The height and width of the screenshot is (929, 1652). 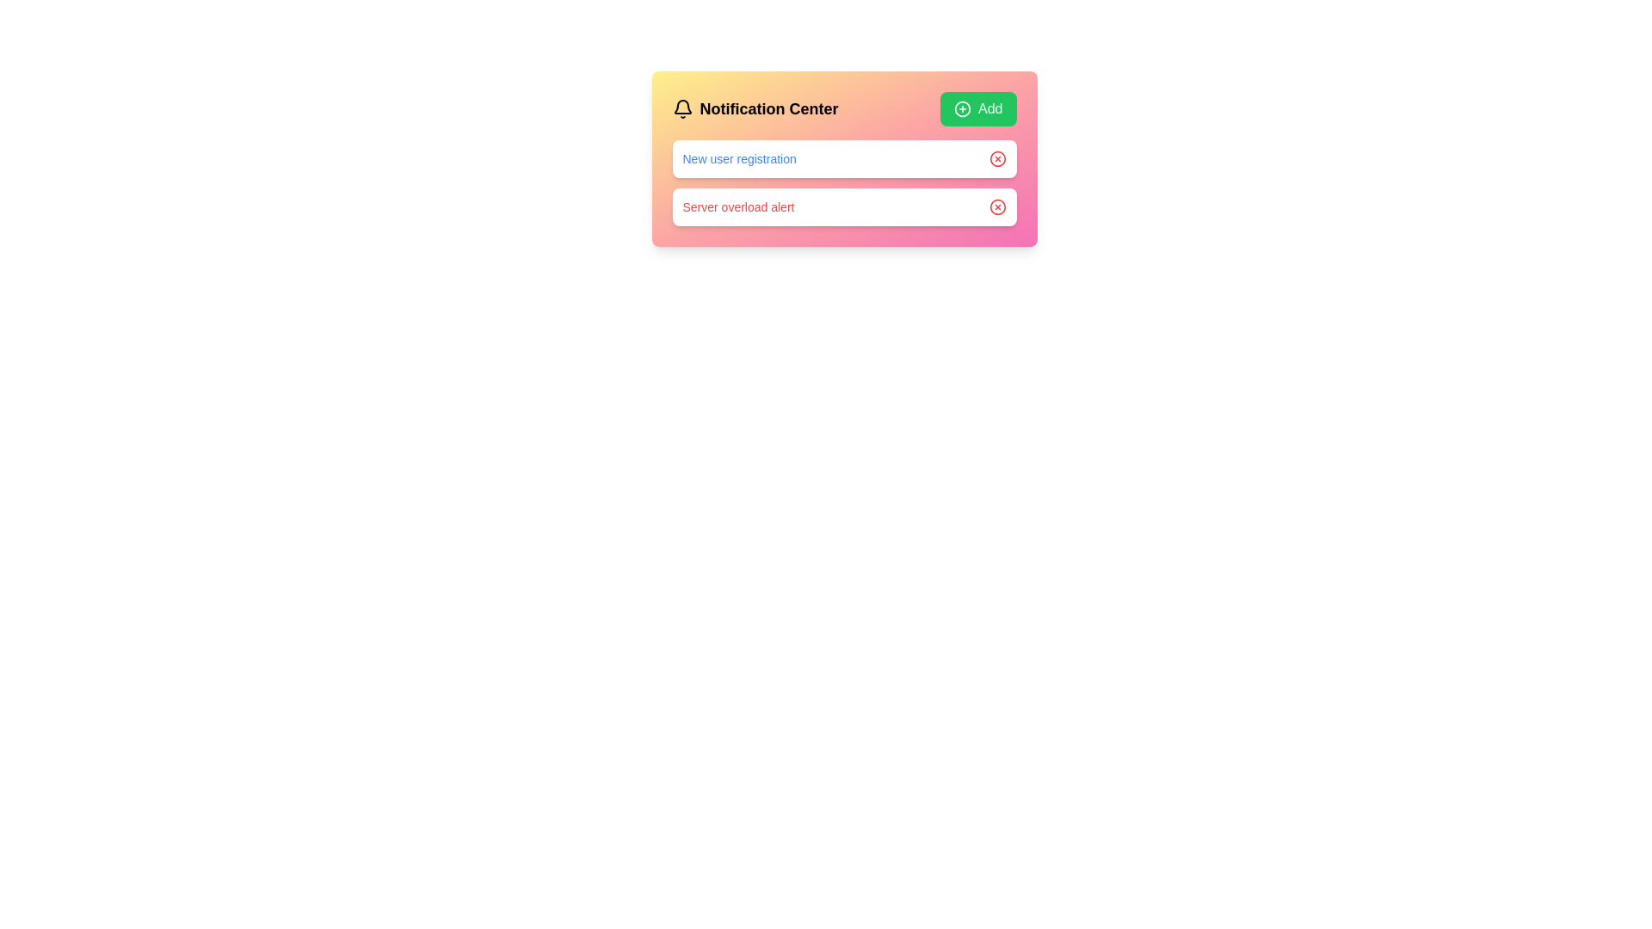 What do you see at coordinates (844, 159) in the screenshot?
I see `the 'New user registration' notification item in the notification panel` at bounding box center [844, 159].